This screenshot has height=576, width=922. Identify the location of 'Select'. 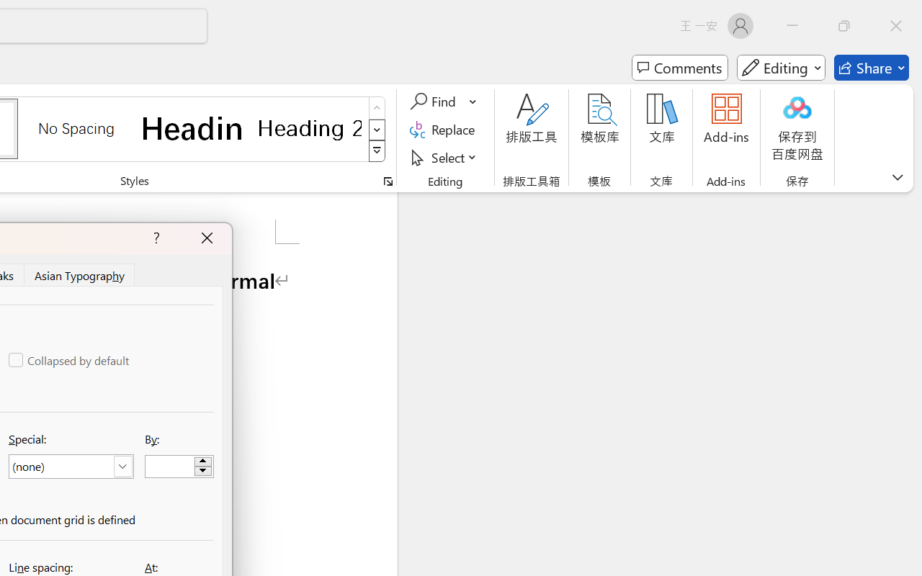
(444, 157).